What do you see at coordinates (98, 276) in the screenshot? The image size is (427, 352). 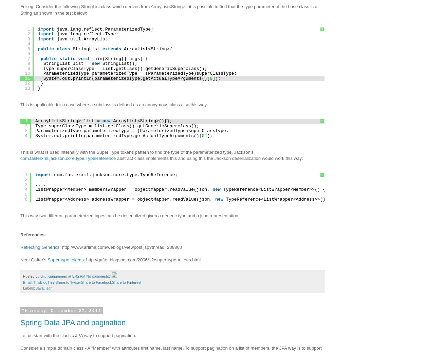 I see `'No comments:'` at bounding box center [98, 276].